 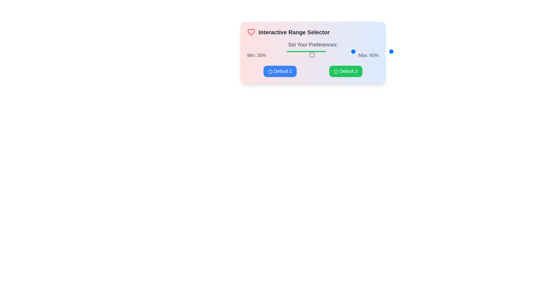 I want to click on the 'Default 2' button, which is the second button in a row of two buttons positioned to the right of the 'Default 1' button, so click(x=345, y=71).